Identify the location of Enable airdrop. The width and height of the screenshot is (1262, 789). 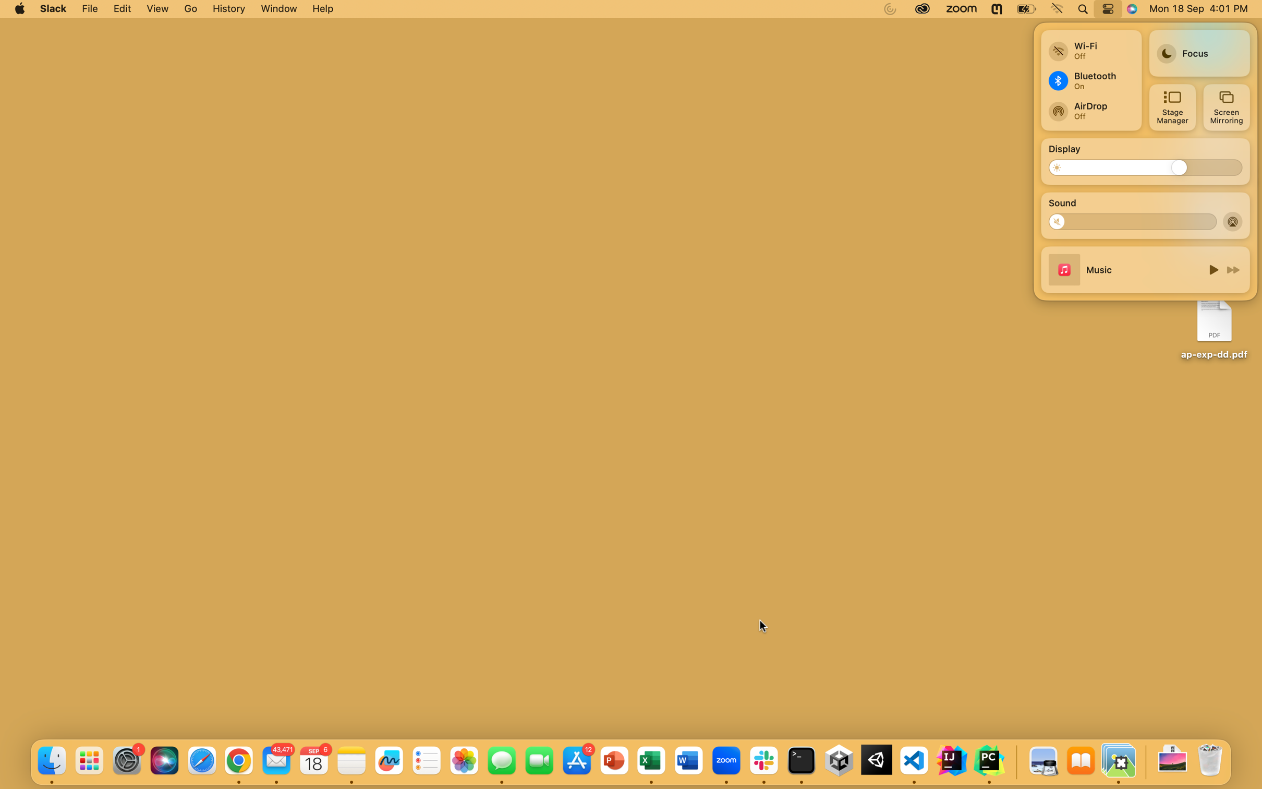
(1233, 221).